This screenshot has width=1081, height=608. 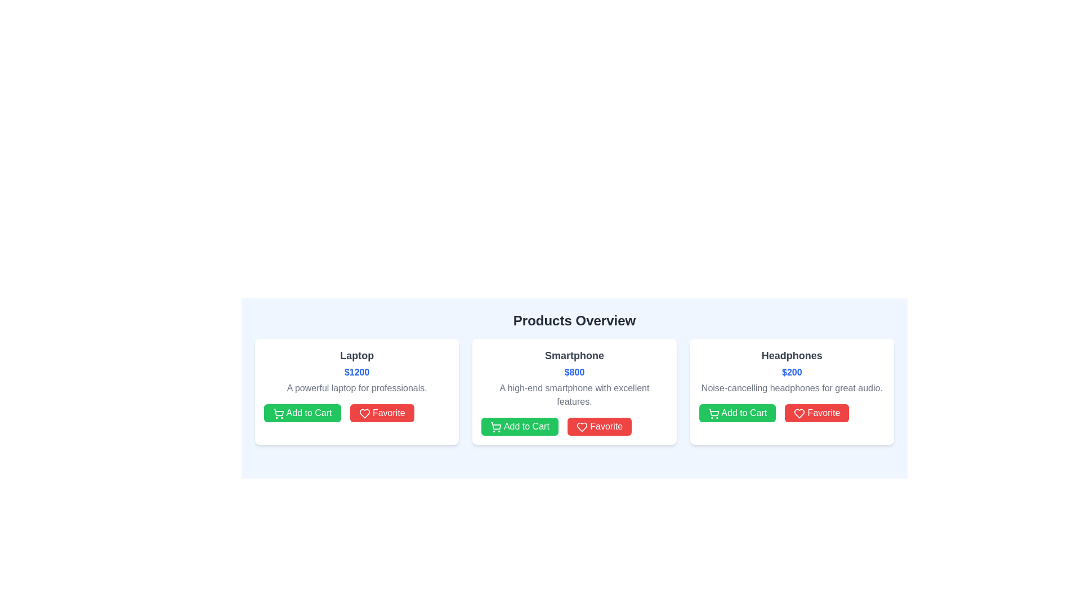 I want to click on the red rectangular 'Favorite' button with white text and a heart icon located on the right side of the button group in the second product card for marking the item as favorite, so click(x=599, y=427).